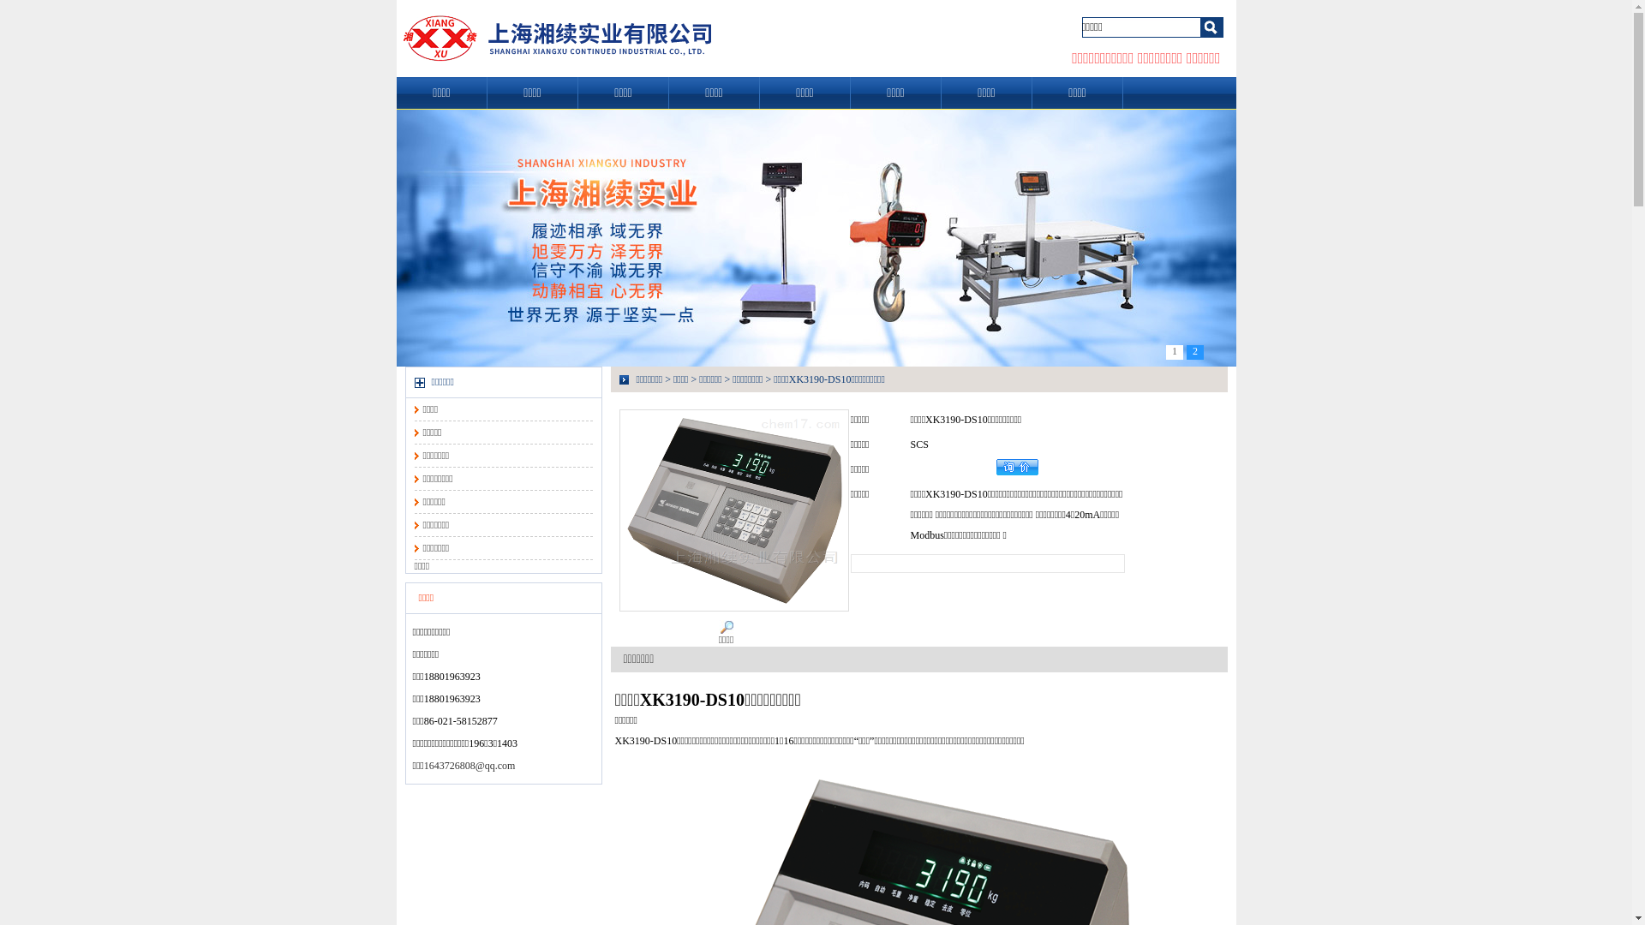 This screenshot has height=925, width=1645. Describe the element at coordinates (470, 765) in the screenshot. I see `'1643726808@qq.com'` at that location.